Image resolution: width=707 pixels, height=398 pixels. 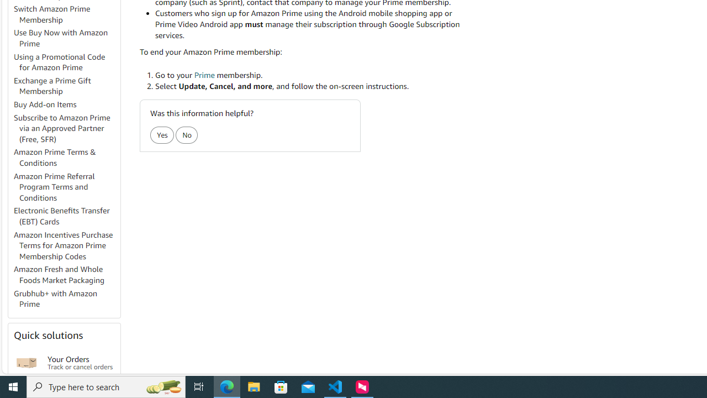 What do you see at coordinates (59, 274) in the screenshot?
I see `'Amazon Fresh and Whole Foods Market Packaging'` at bounding box center [59, 274].